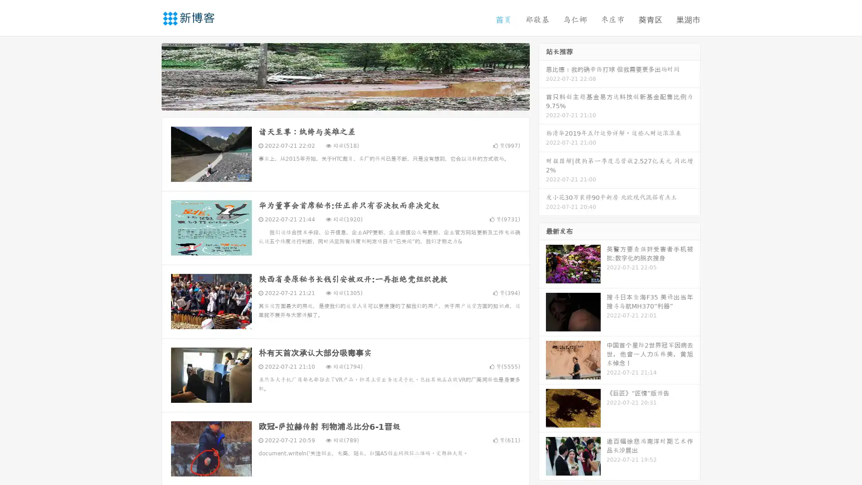 Image resolution: width=862 pixels, height=485 pixels. I want to click on Next slide, so click(542, 75).